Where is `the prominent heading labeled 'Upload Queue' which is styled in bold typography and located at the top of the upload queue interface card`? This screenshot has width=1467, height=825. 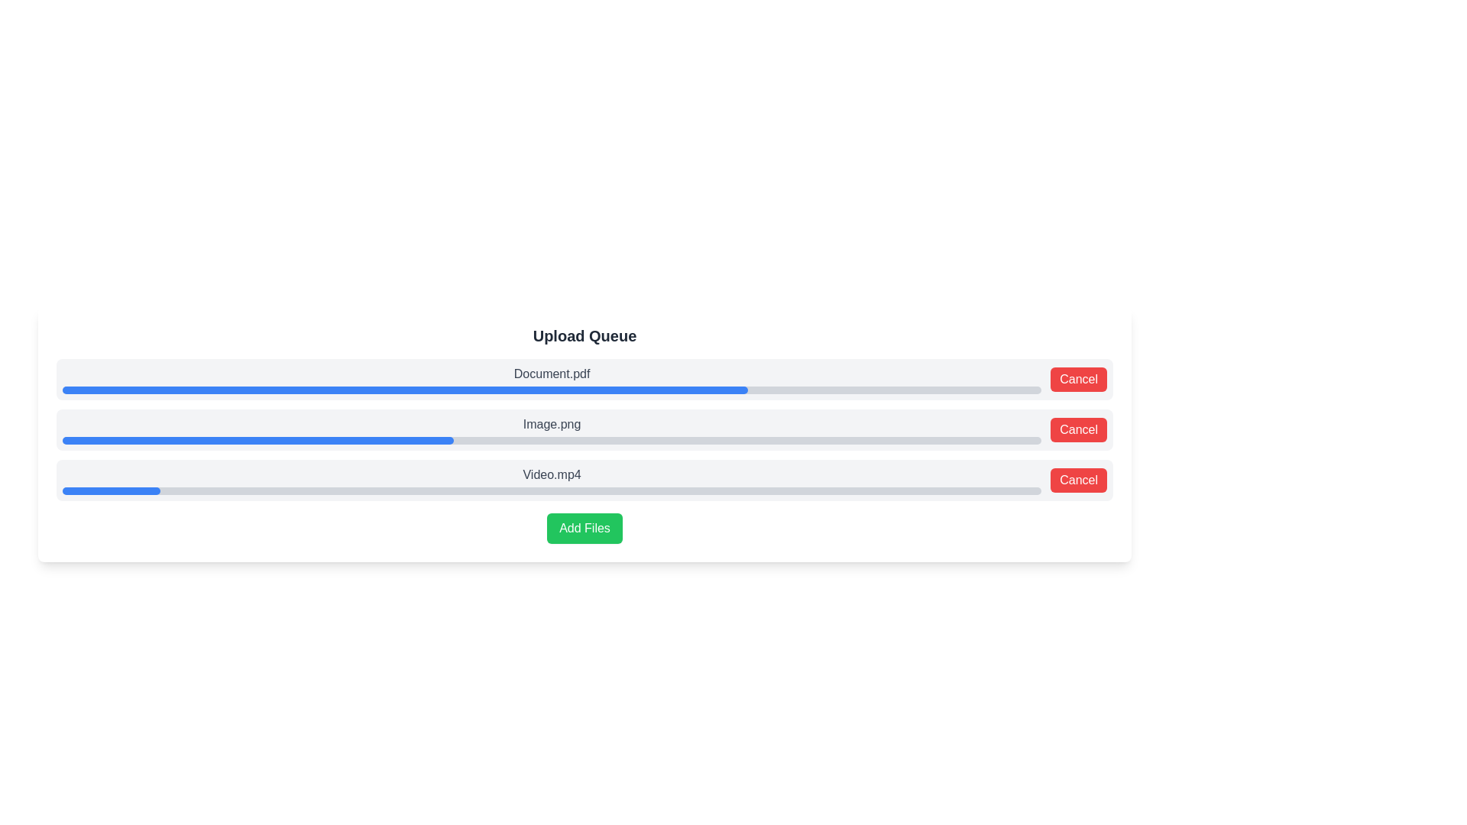
the prominent heading labeled 'Upload Queue' which is styled in bold typography and located at the top of the upload queue interface card is located at coordinates (584, 335).